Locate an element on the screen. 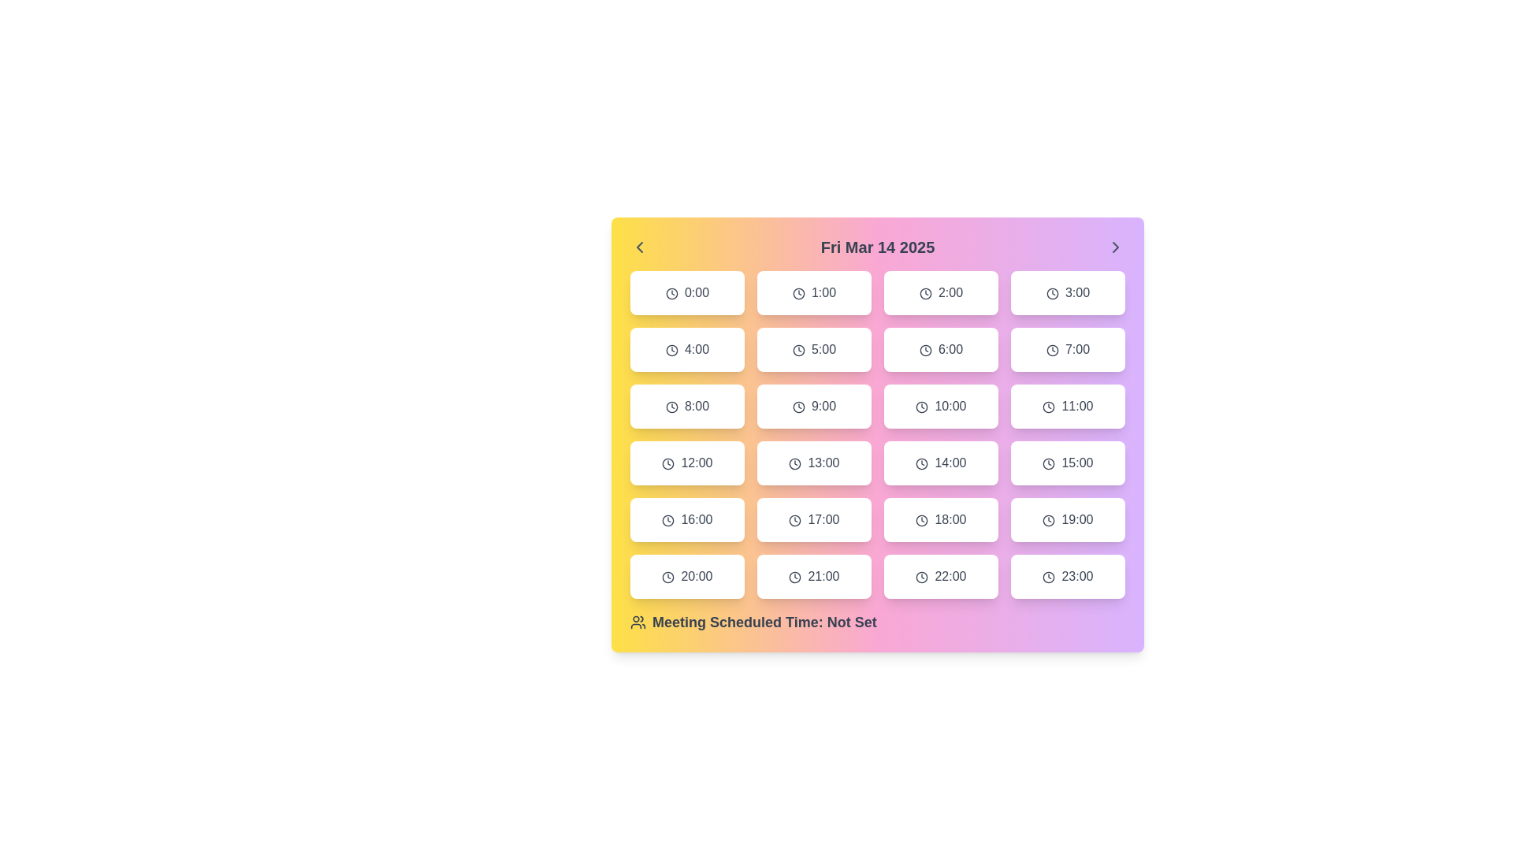  the clock icon, which is a simple outline style clock positioned before the '22:00' text in the lower central part of the grid interface, for time identification is located at coordinates (922, 577).